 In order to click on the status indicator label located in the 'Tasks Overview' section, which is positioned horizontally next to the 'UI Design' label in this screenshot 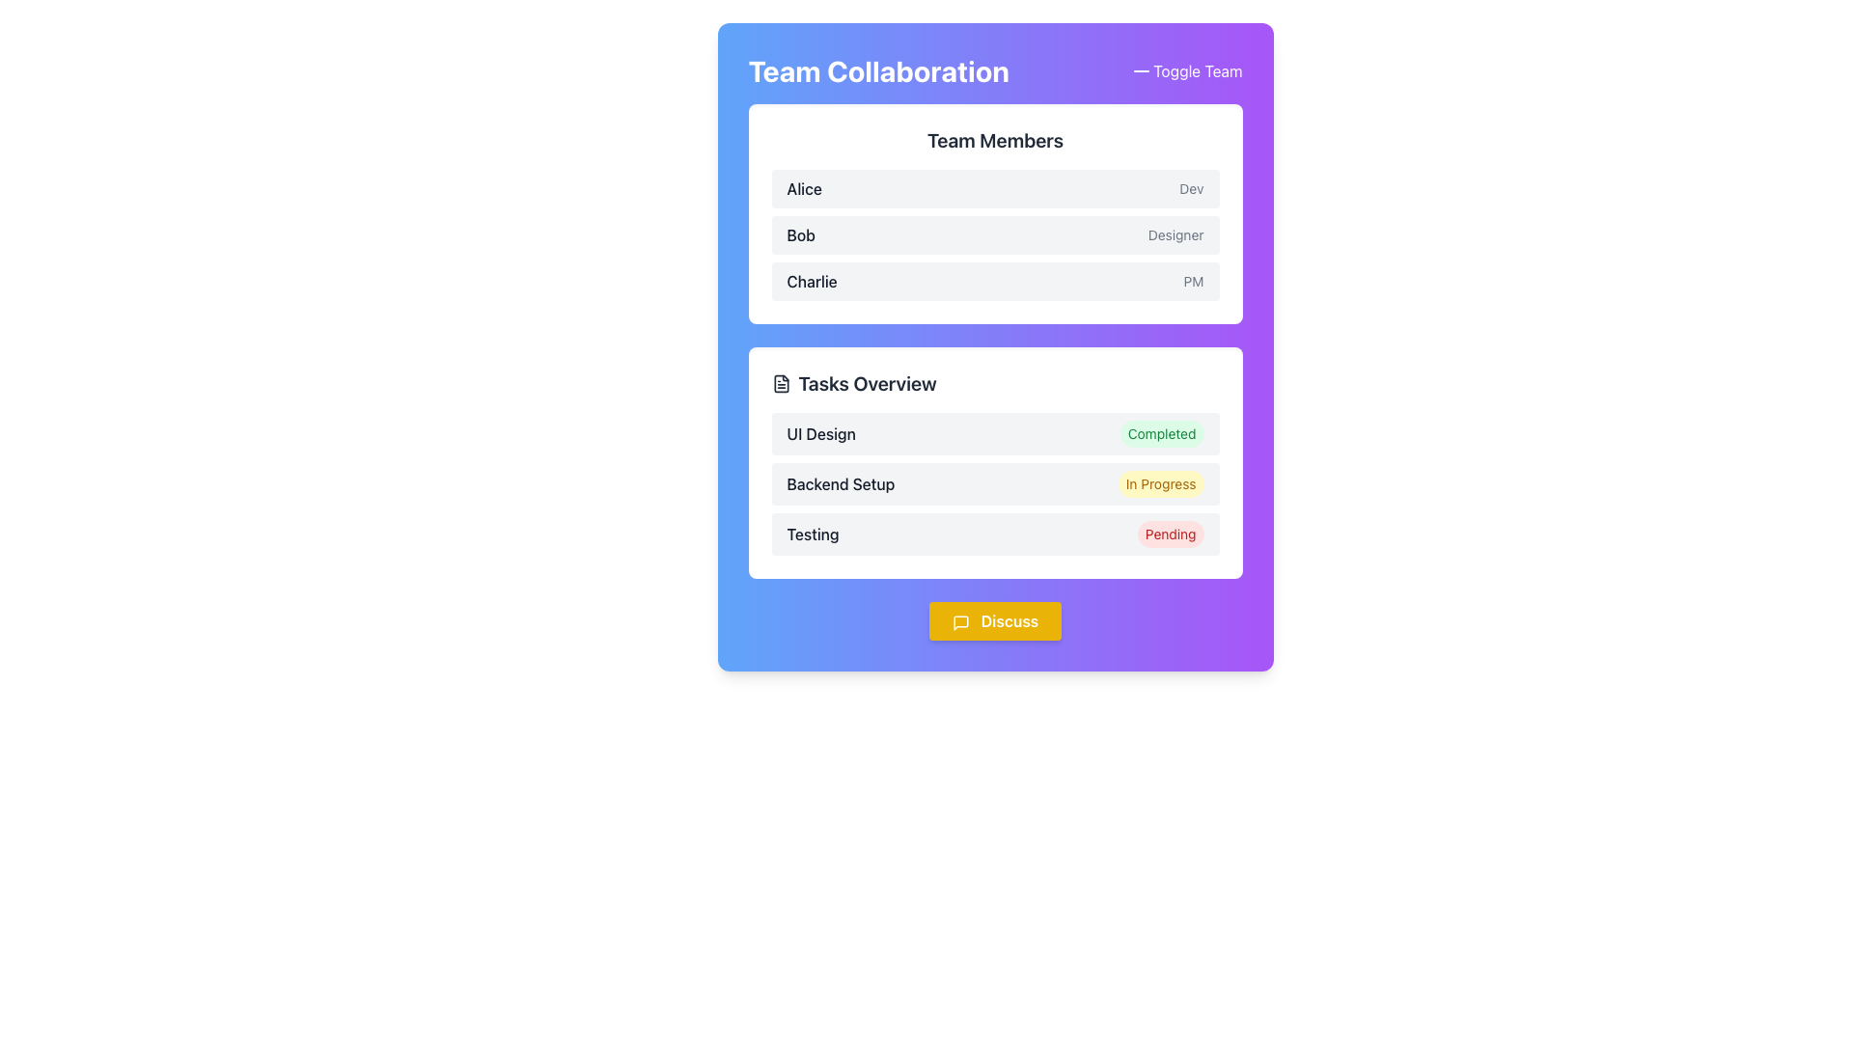, I will do `click(1161, 434)`.